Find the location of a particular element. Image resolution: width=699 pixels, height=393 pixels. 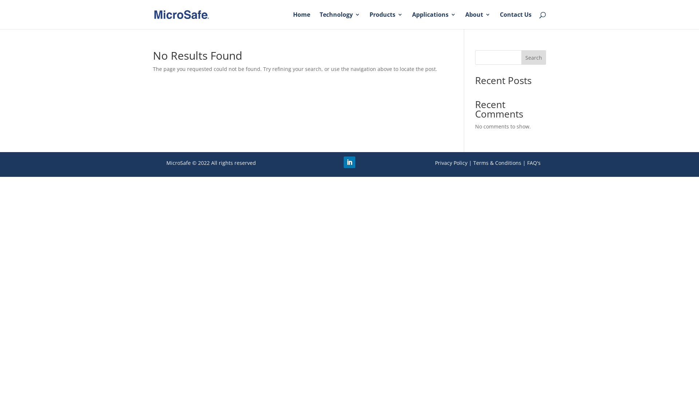

'About' is located at coordinates (478, 20).